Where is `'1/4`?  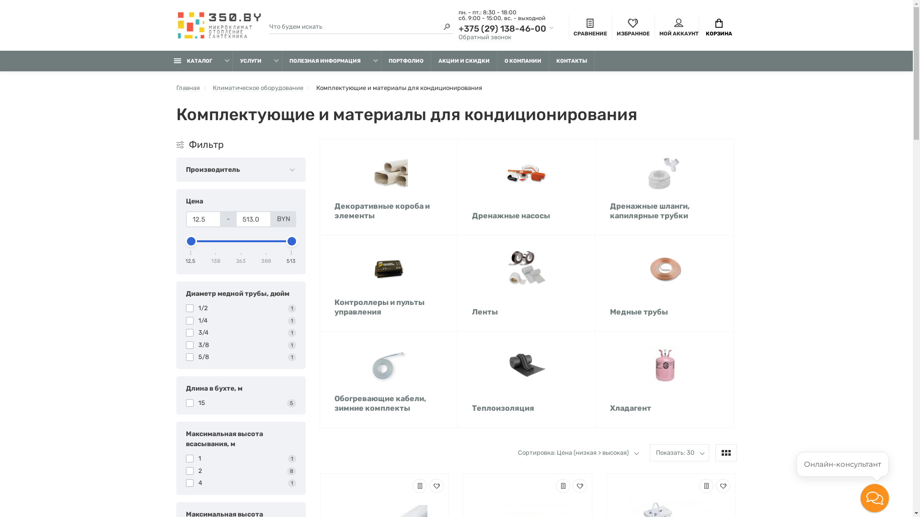 '1/4 is located at coordinates (241, 321).